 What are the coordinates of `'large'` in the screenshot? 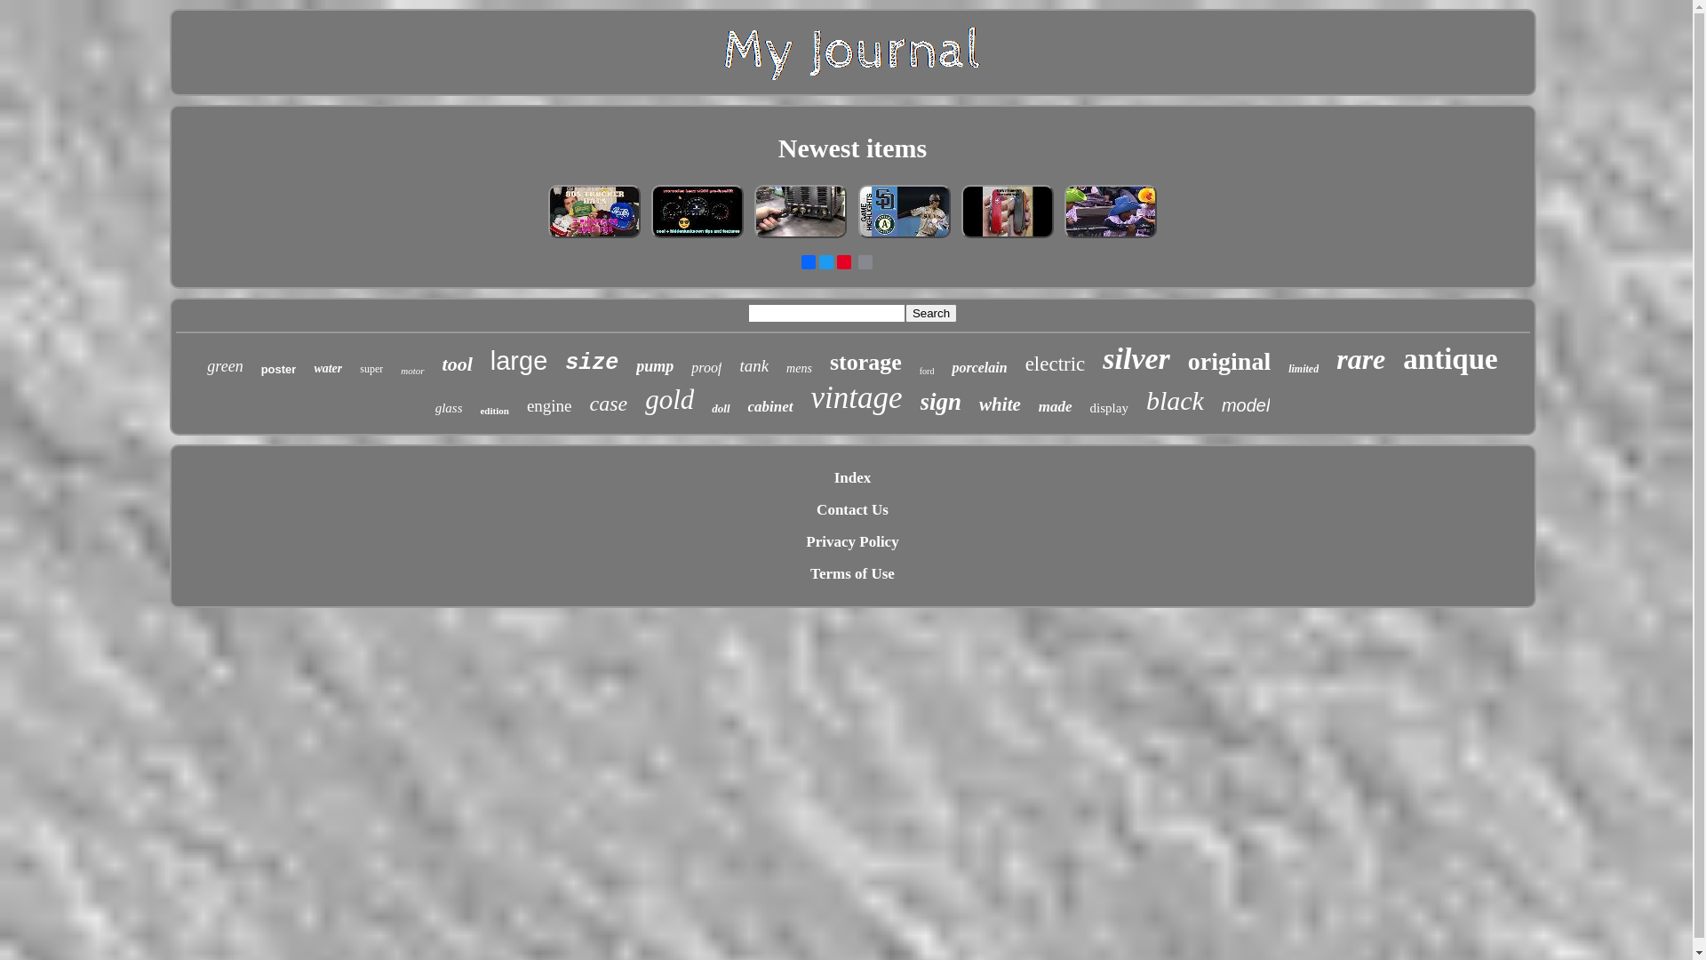 It's located at (518, 360).